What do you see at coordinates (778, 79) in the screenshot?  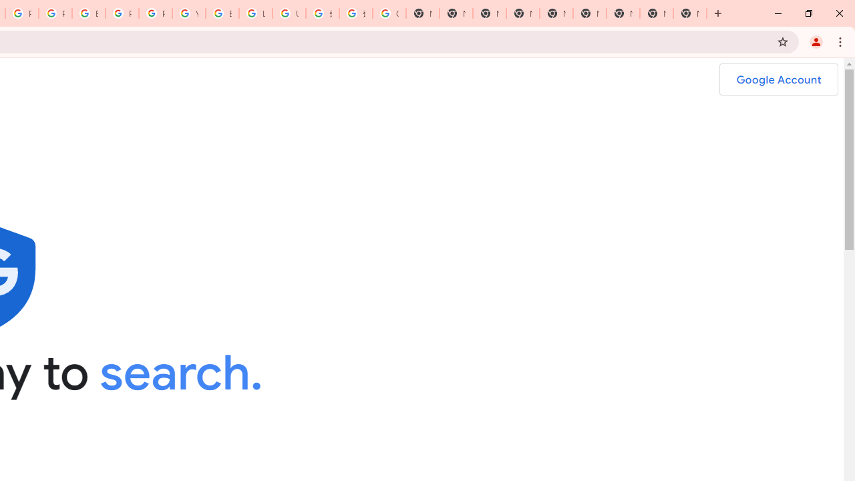 I see `'Google Account'` at bounding box center [778, 79].